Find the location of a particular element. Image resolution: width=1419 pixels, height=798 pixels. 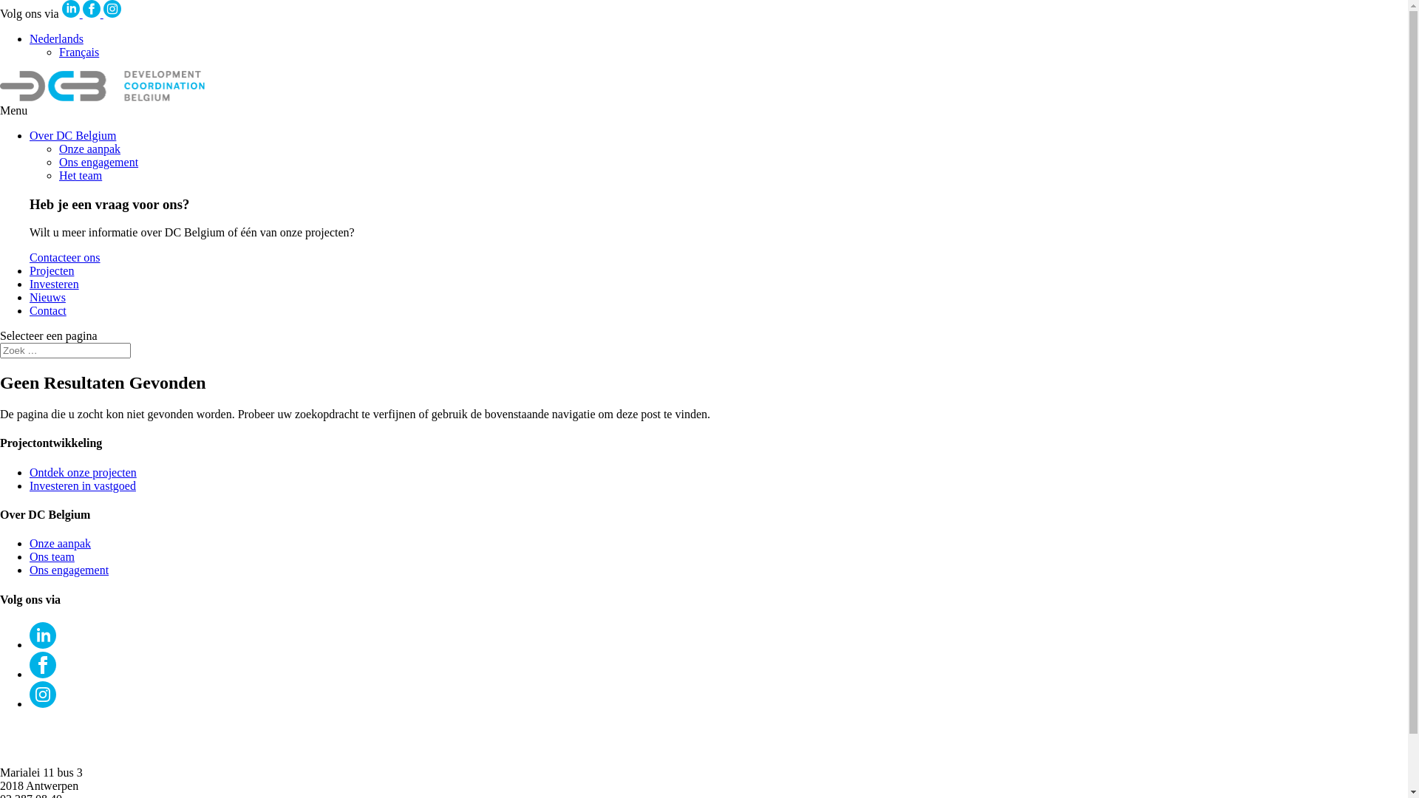

'Facebook' is located at coordinates (42, 664).